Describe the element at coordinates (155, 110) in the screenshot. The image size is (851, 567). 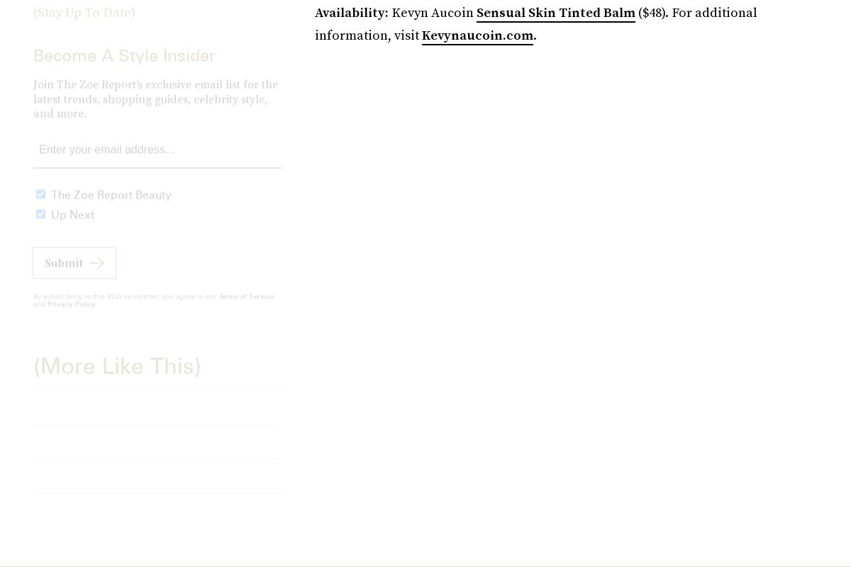
I see `'Join The Zoe Report’s exclusive email list for the latest trends, shopping guides, celebrity style, and more.'` at that location.